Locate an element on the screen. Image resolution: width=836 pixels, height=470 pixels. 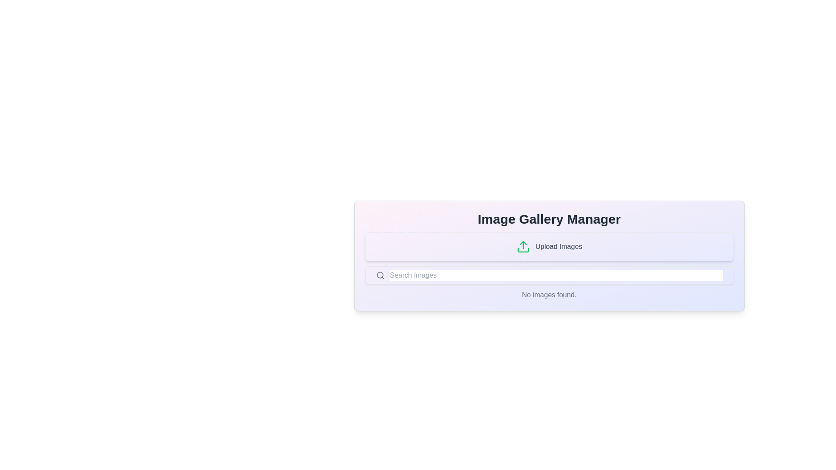
the text label that describes the functionality of uploading images, located to the right of the upward-pointing green arrow icon is located at coordinates (559, 247).